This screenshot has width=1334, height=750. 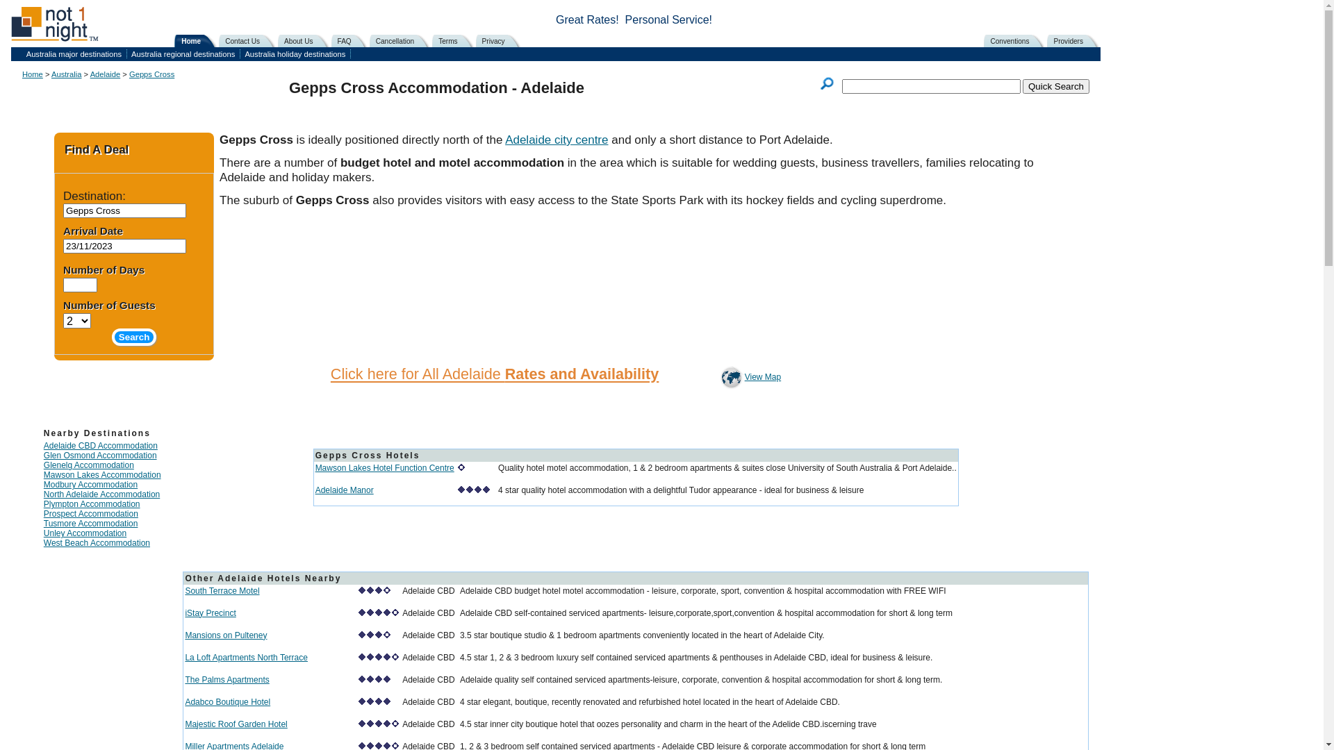 I want to click on 'Adelaide CBD Accommodation', so click(x=99, y=445).